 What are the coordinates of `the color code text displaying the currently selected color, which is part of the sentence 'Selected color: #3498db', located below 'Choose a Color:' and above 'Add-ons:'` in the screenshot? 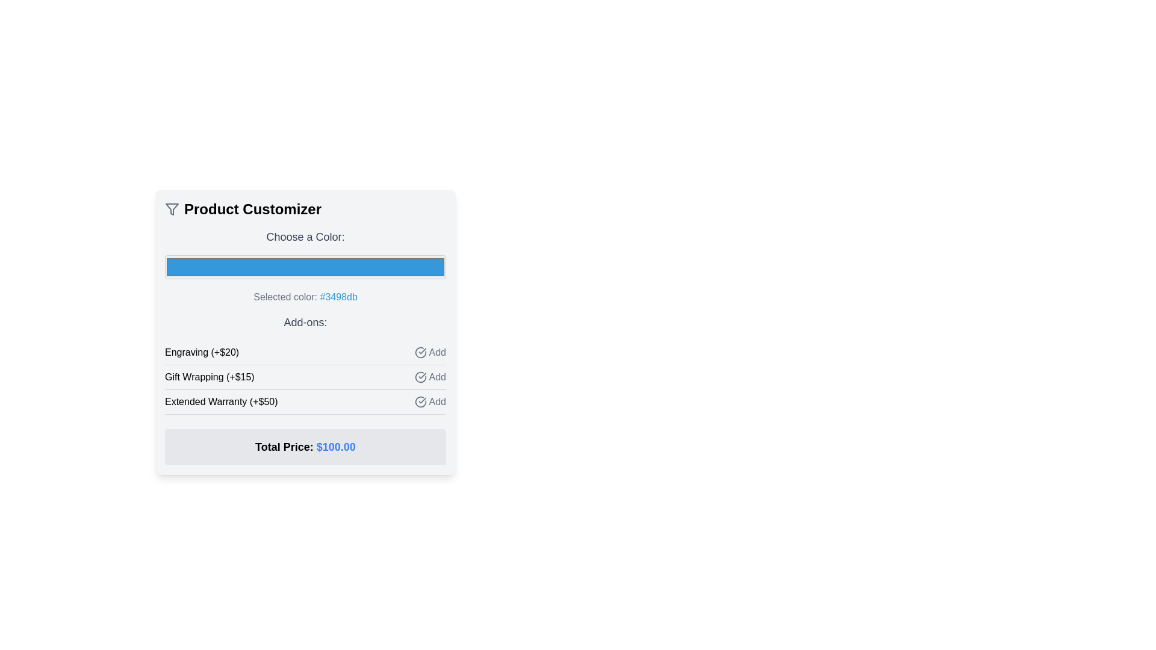 It's located at (338, 297).